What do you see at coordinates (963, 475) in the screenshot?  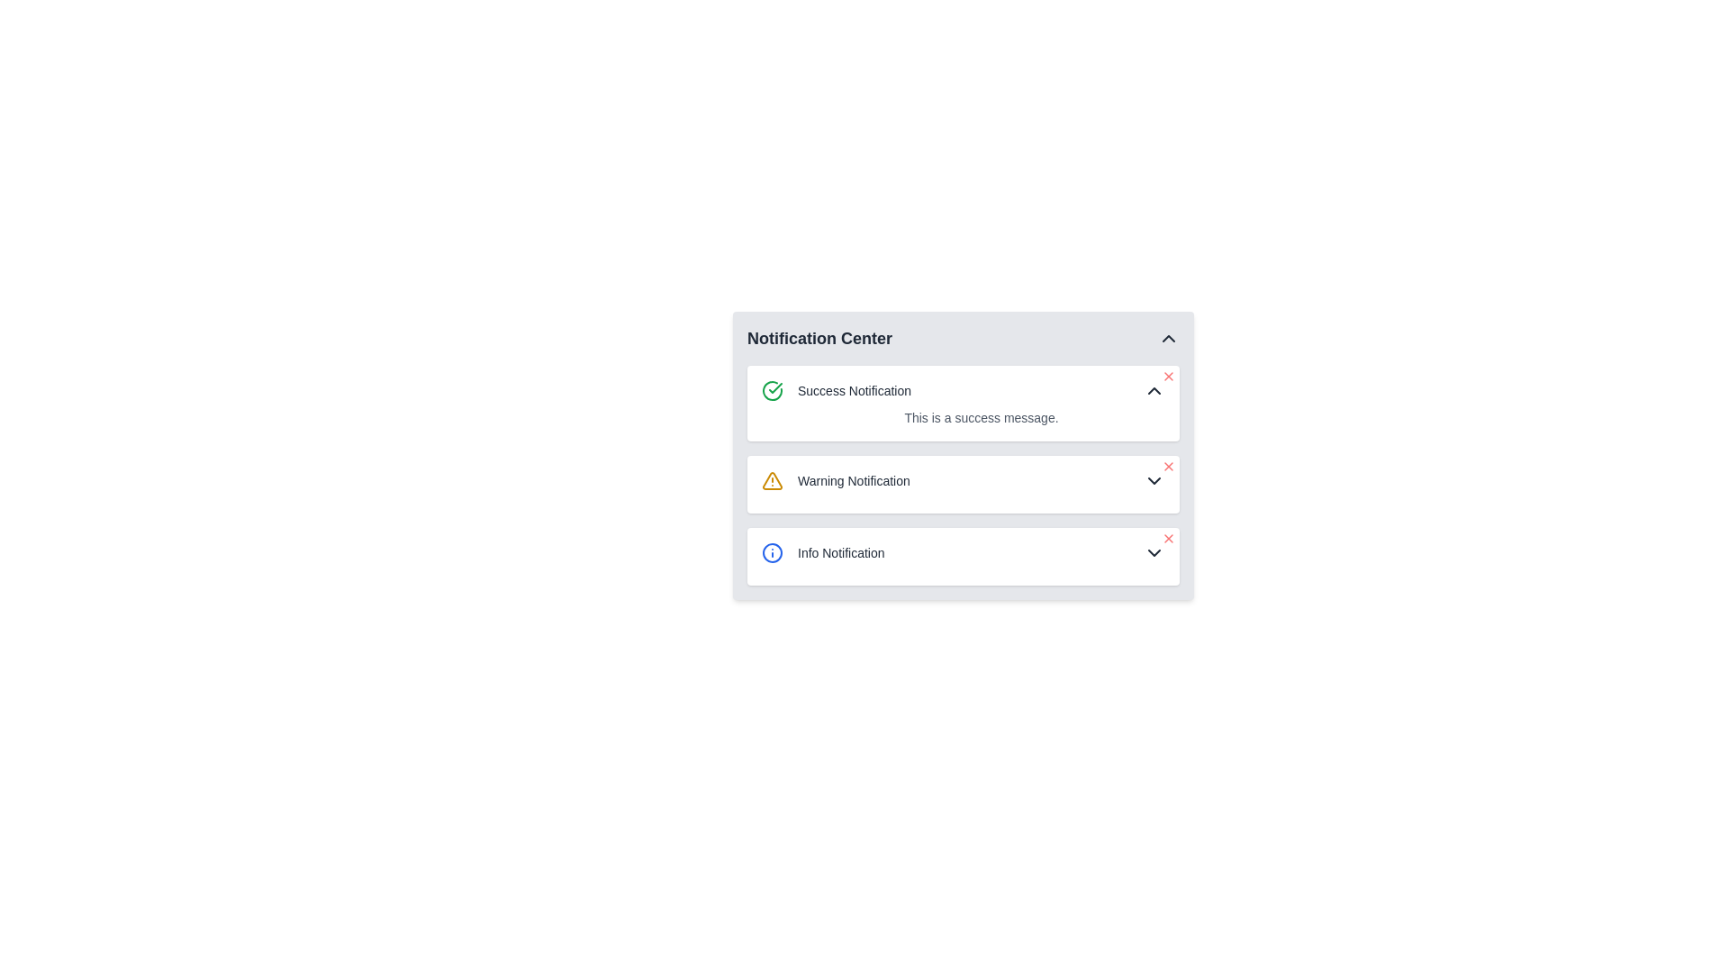 I see `the Notification Section within the 'Notification Center', which organizes success, warning, and informational messages` at bounding box center [963, 475].